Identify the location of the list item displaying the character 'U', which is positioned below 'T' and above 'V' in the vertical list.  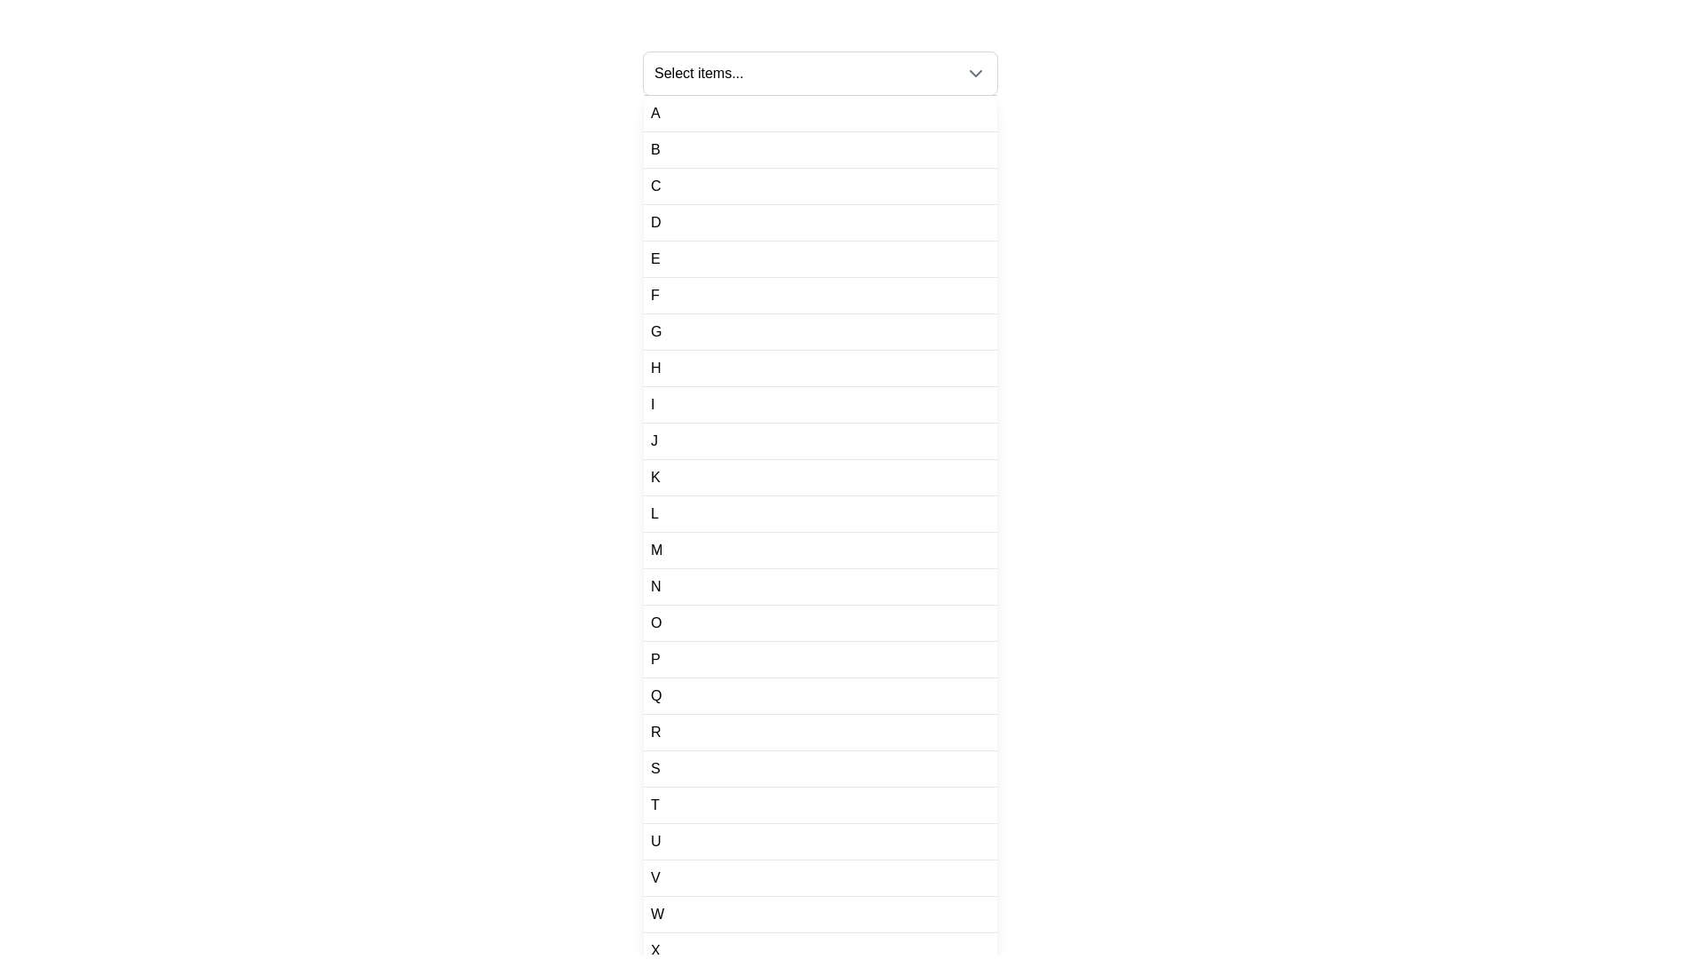
(654, 841).